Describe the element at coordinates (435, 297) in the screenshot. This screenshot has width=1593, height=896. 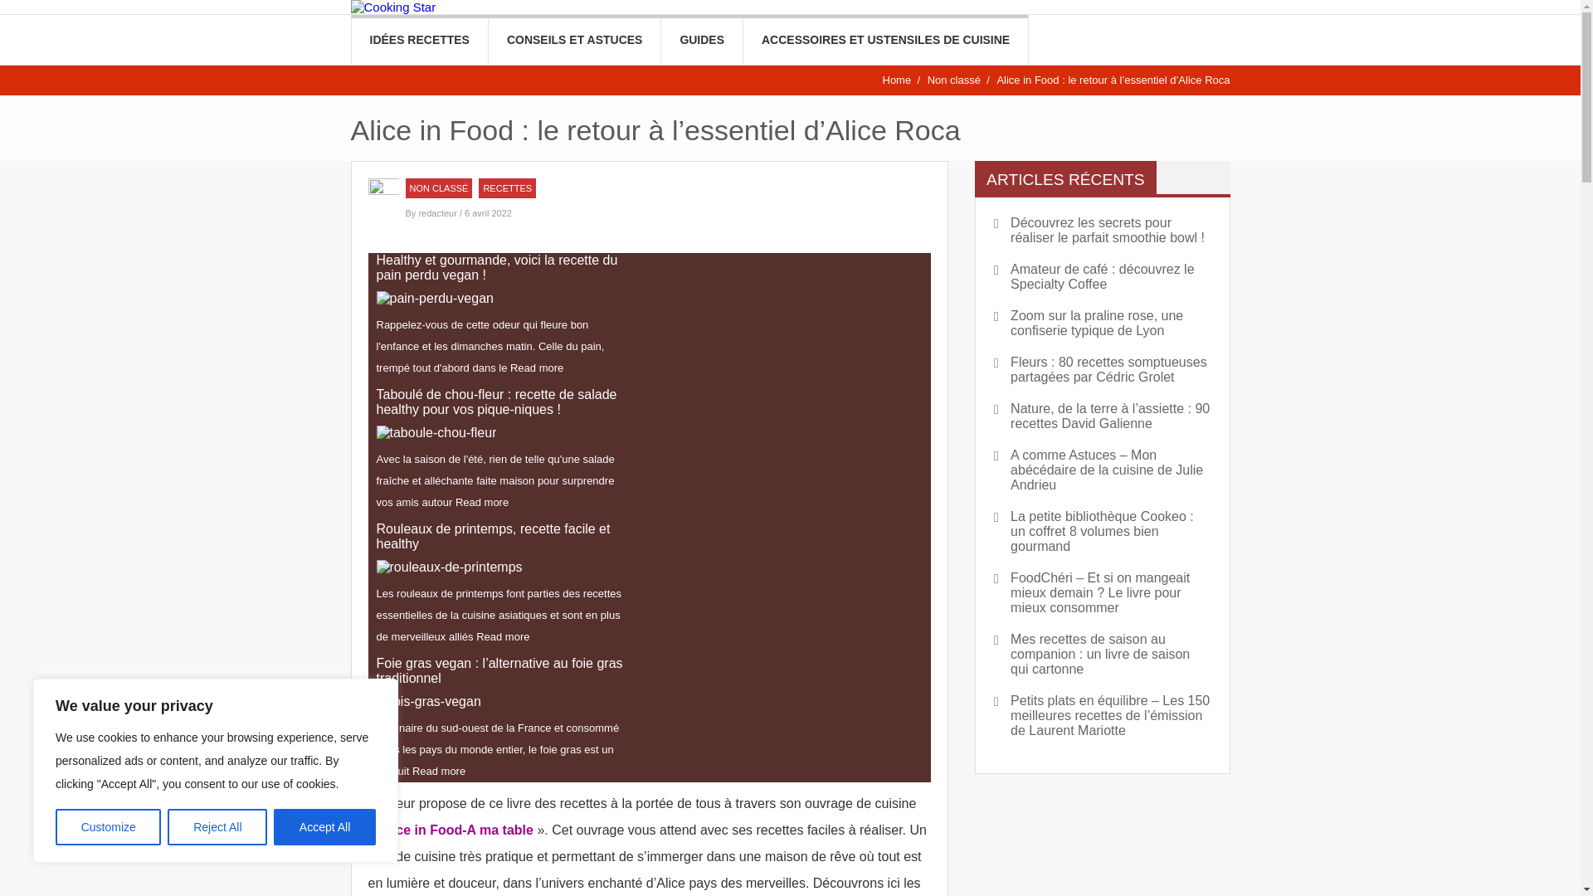
I see `'Healthy et gourmande, voici la recette du pain perdu vegan !'` at that location.